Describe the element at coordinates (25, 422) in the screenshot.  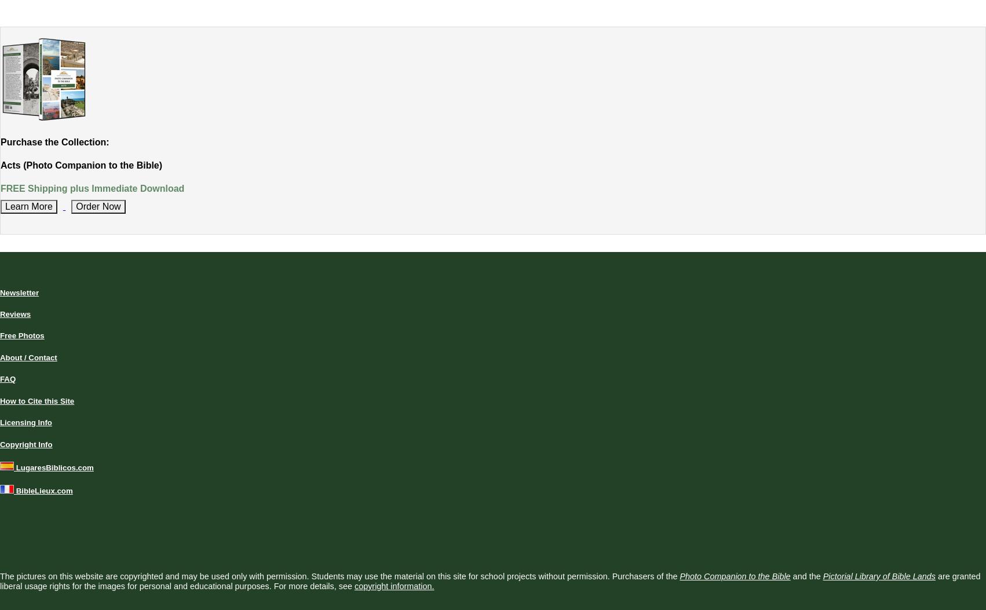
I see `'Licensing Info'` at that location.